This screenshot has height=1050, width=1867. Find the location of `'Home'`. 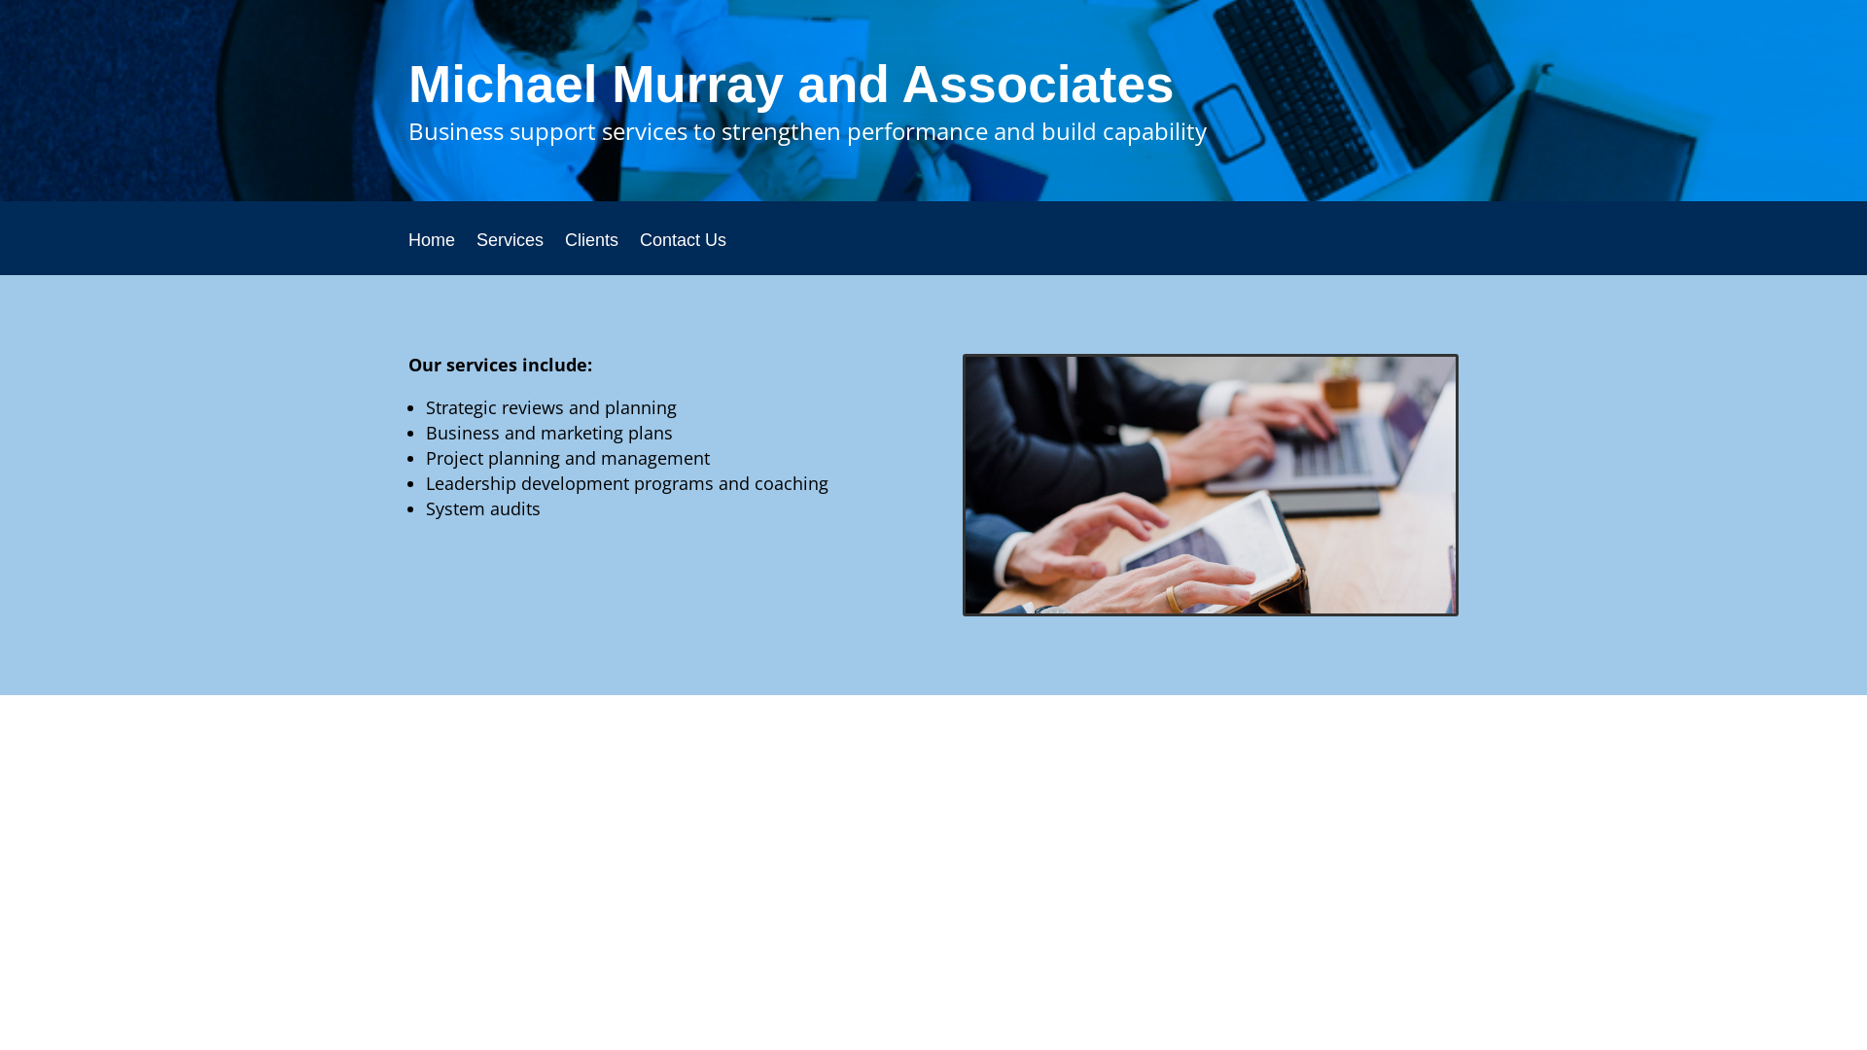

'Home' is located at coordinates (431, 253).